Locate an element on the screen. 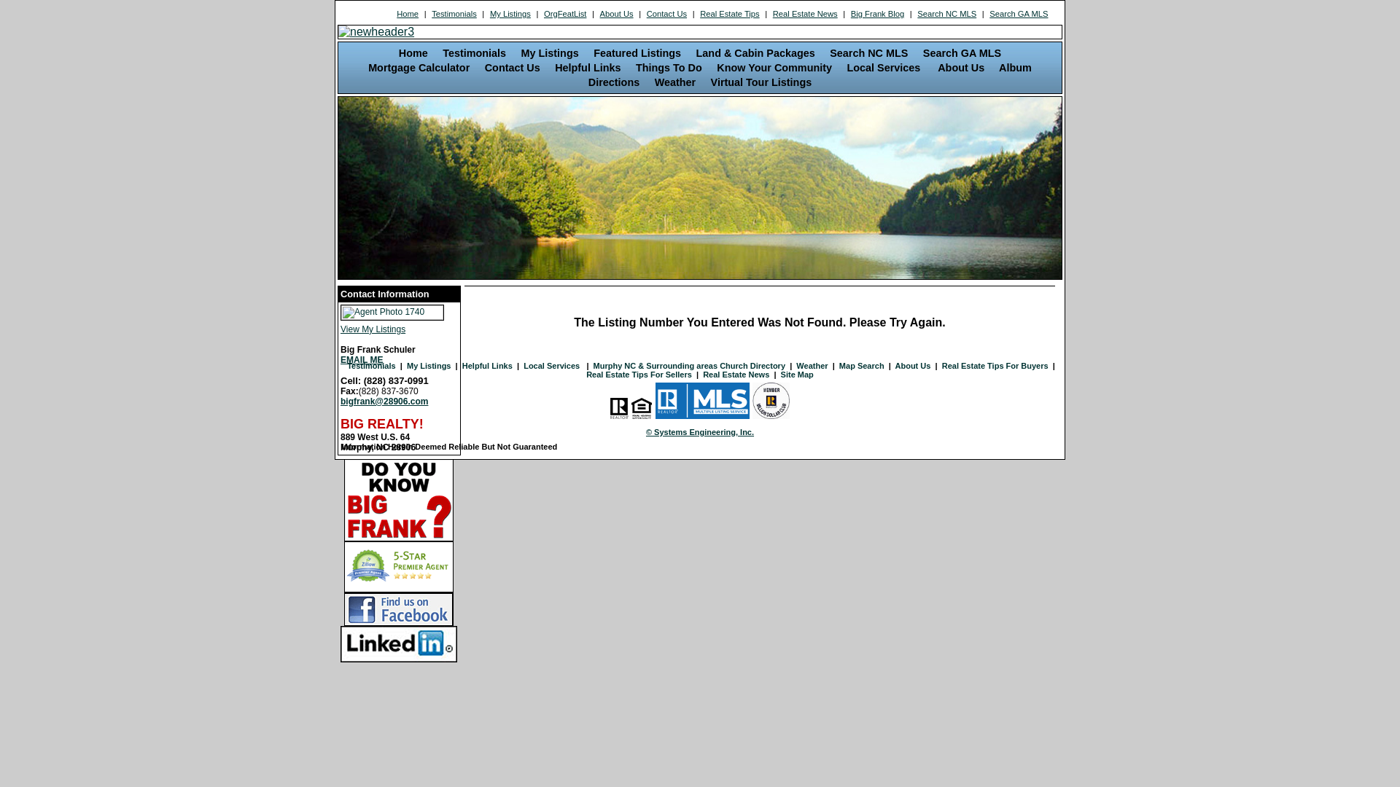 The image size is (1400, 787). 'Helpful Links' is located at coordinates (487, 364).